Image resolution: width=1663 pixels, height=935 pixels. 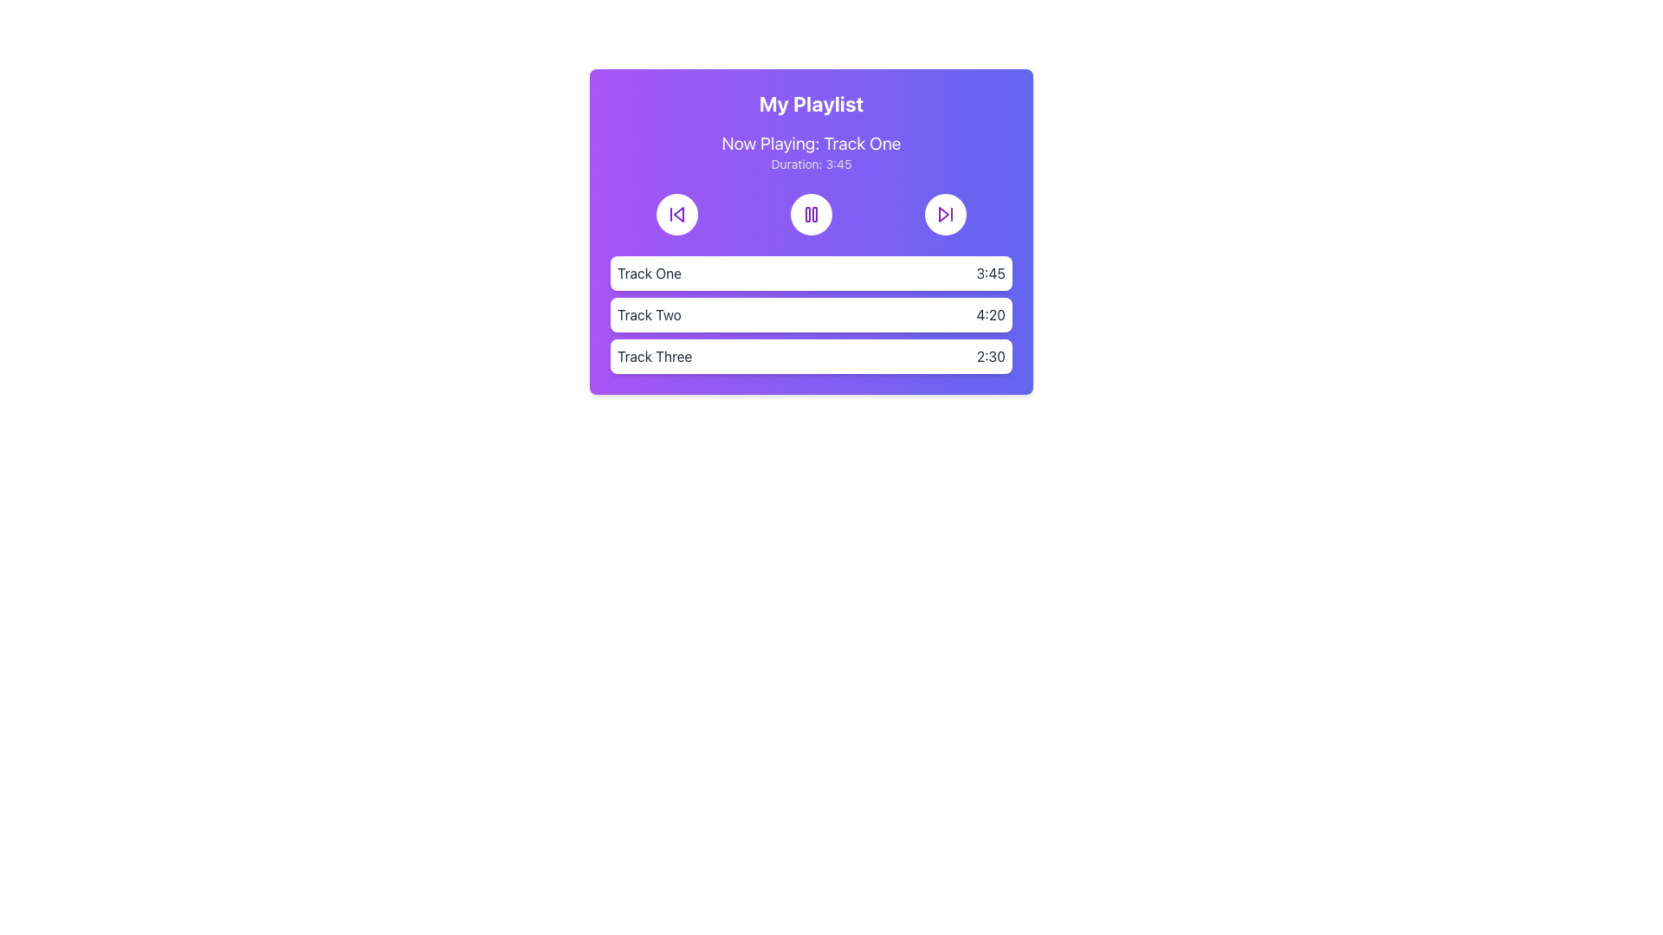 What do you see at coordinates (810, 103) in the screenshot?
I see `the bold, large, white text labeled 'My Playlist', which is positioned at the top of the segment on a gradient background transitioning from purple to indigo` at bounding box center [810, 103].